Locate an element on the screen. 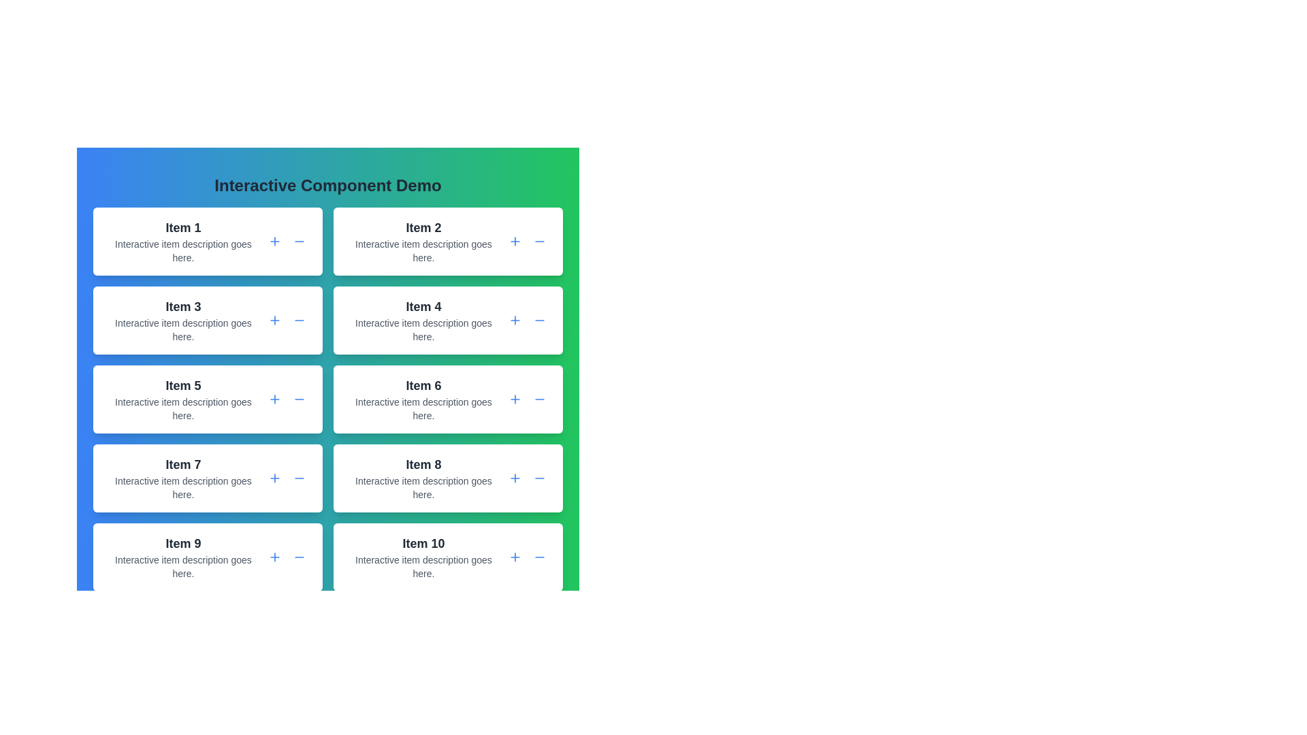 The image size is (1307, 735). the decrement button located in the lower right corner of the card labeled 'Item 3' is located at coordinates (299, 320).